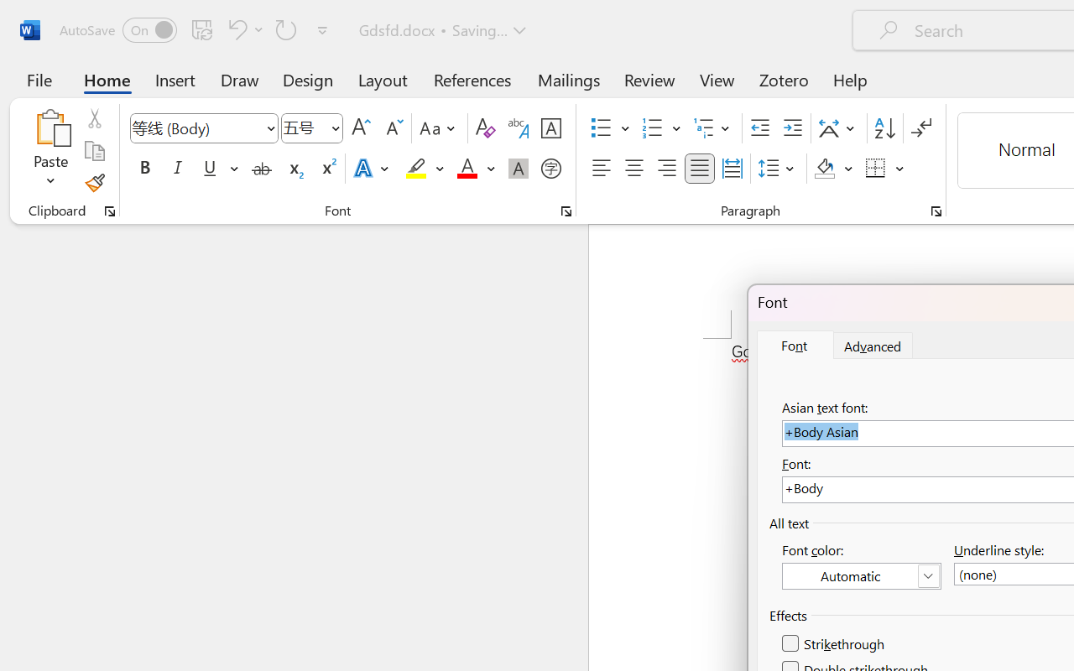 Image resolution: width=1074 pixels, height=671 pixels. I want to click on 'Subscript', so click(294, 169).